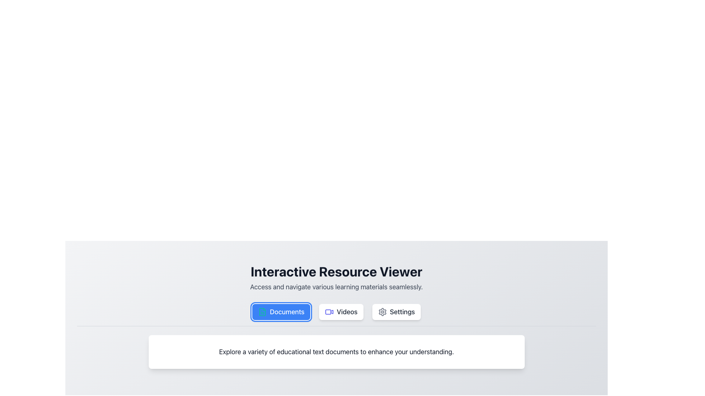 This screenshot has width=705, height=396. I want to click on the text block containing 'Access and navigate various learning materials seamlessly.' which is positioned below the title 'Interactive Resource Viewer.', so click(336, 287).